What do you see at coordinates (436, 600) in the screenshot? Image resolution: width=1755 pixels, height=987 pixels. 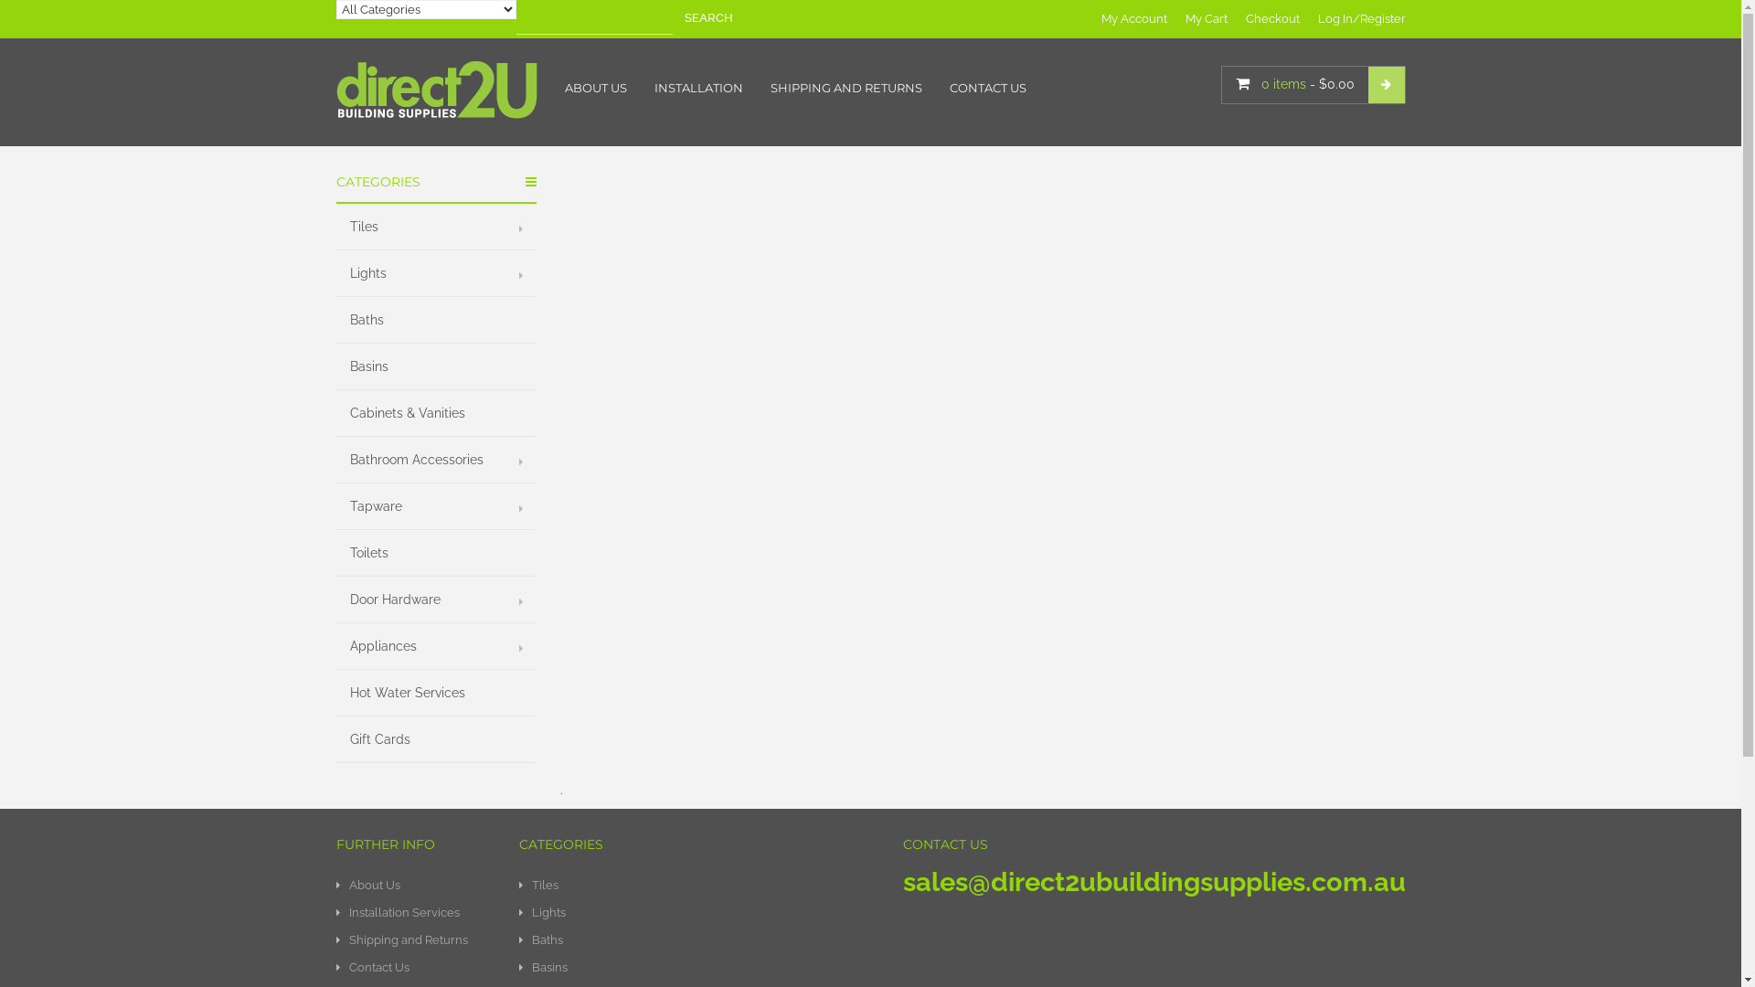 I see `'Door Hardware'` at bounding box center [436, 600].